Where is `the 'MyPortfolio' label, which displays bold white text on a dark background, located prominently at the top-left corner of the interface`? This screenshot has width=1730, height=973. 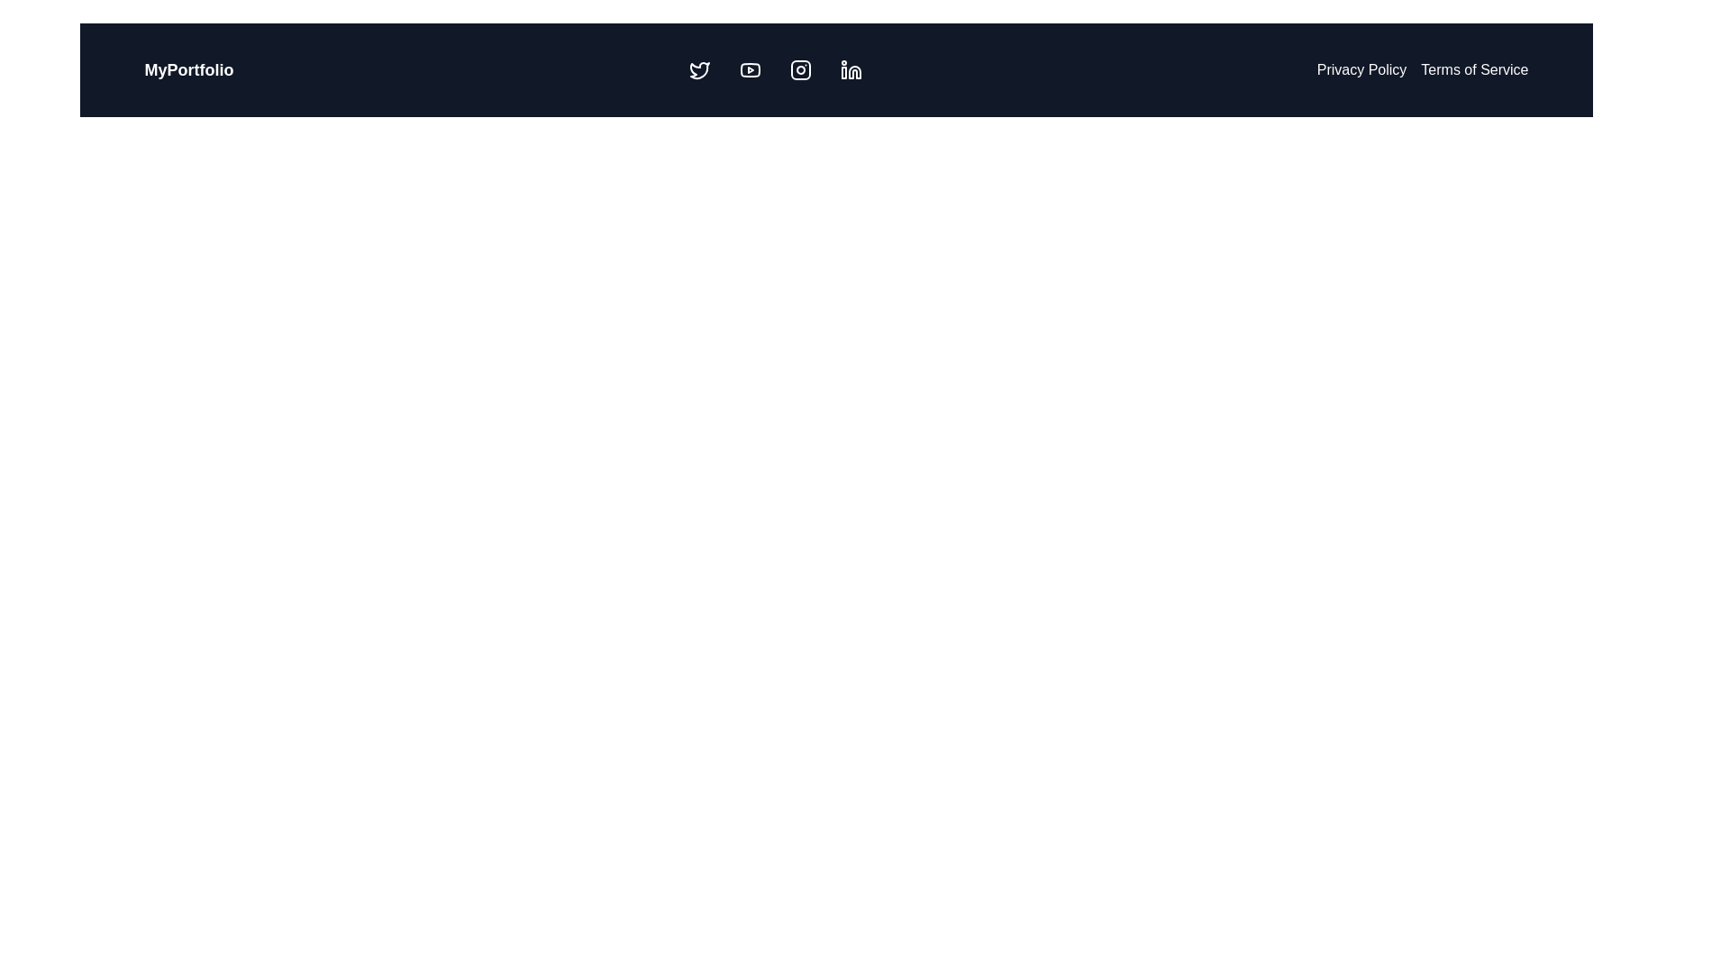
the 'MyPortfolio' label, which displays bold white text on a dark background, located prominently at the top-left corner of the interface is located at coordinates (189, 68).